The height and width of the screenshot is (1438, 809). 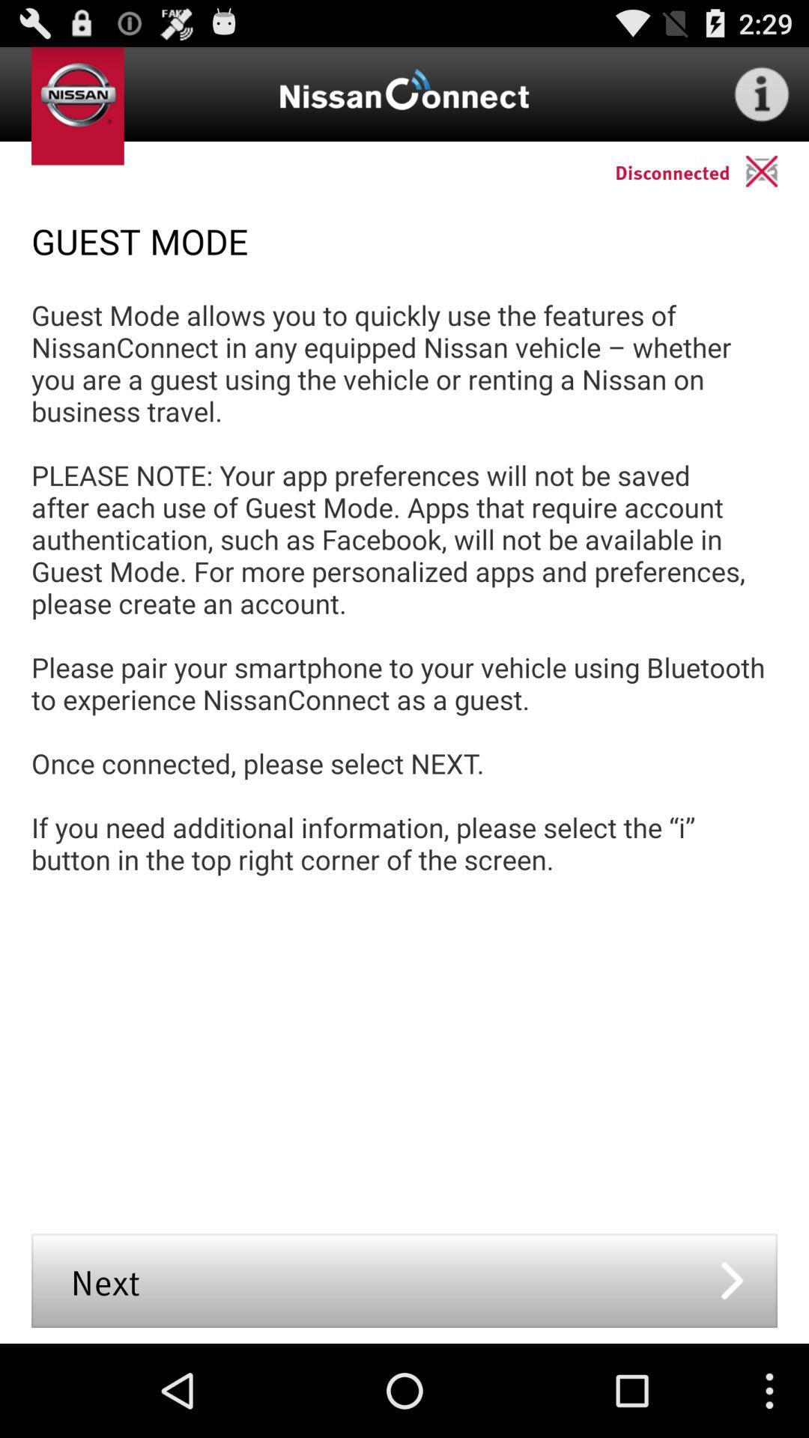 I want to click on the app above guest mode app, so click(x=776, y=171).